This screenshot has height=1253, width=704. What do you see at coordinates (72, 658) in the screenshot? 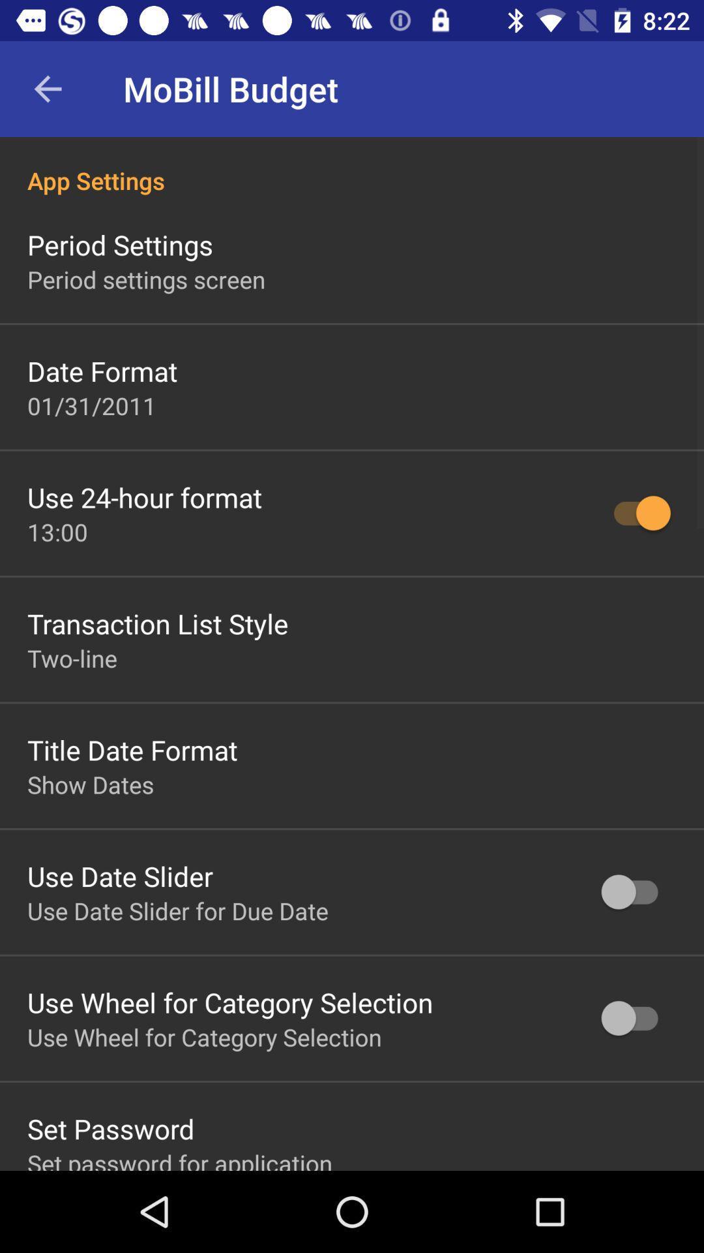
I see `two-line icon` at bounding box center [72, 658].